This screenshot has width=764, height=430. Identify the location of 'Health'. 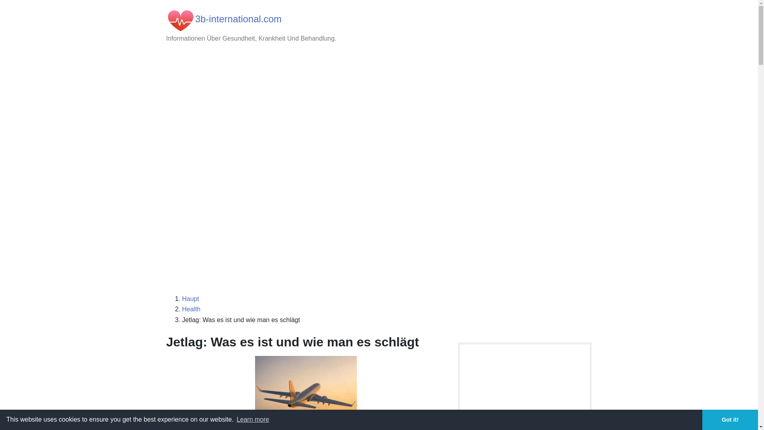
(191, 309).